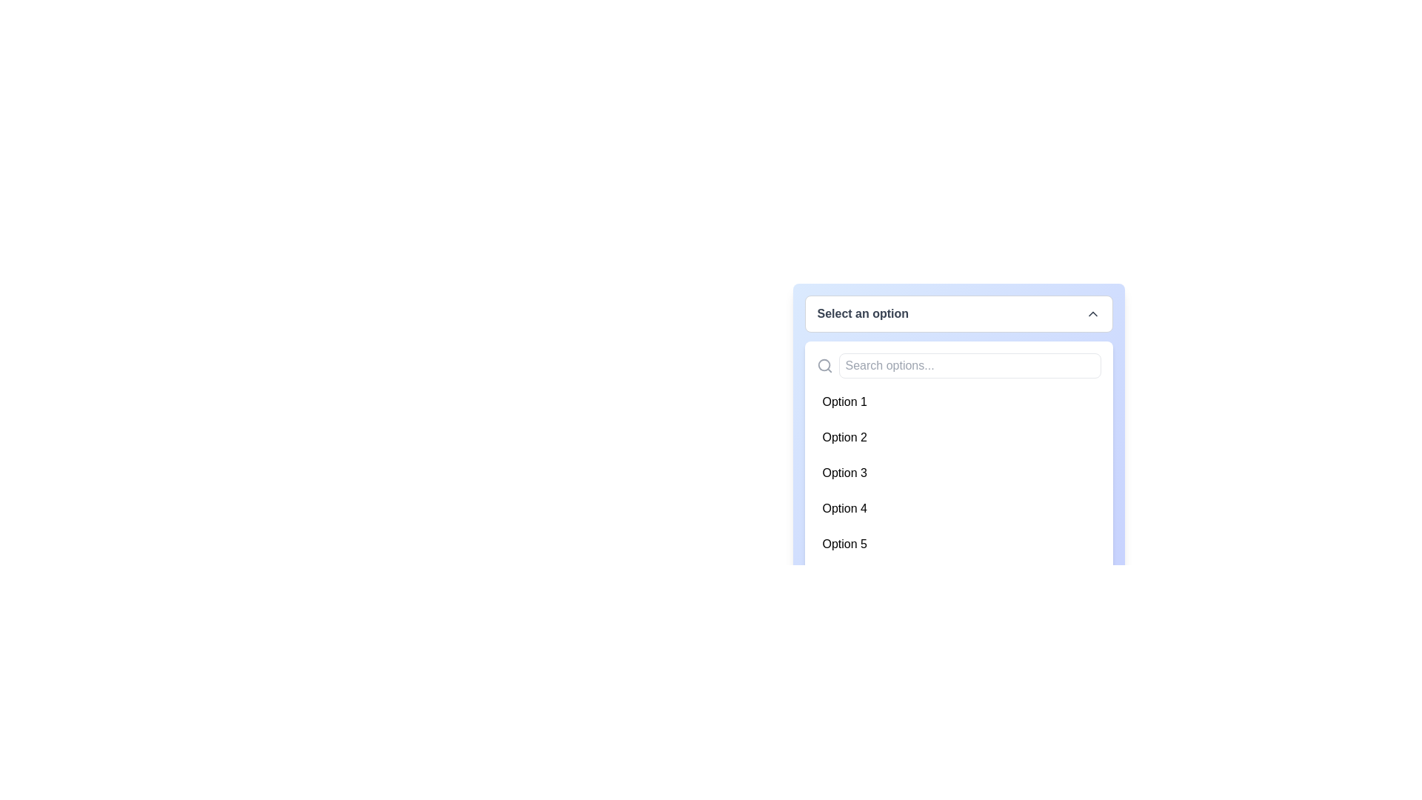 This screenshot has width=1422, height=800. I want to click on the text item 'Option 4' in the dropdown list, so click(844, 507).